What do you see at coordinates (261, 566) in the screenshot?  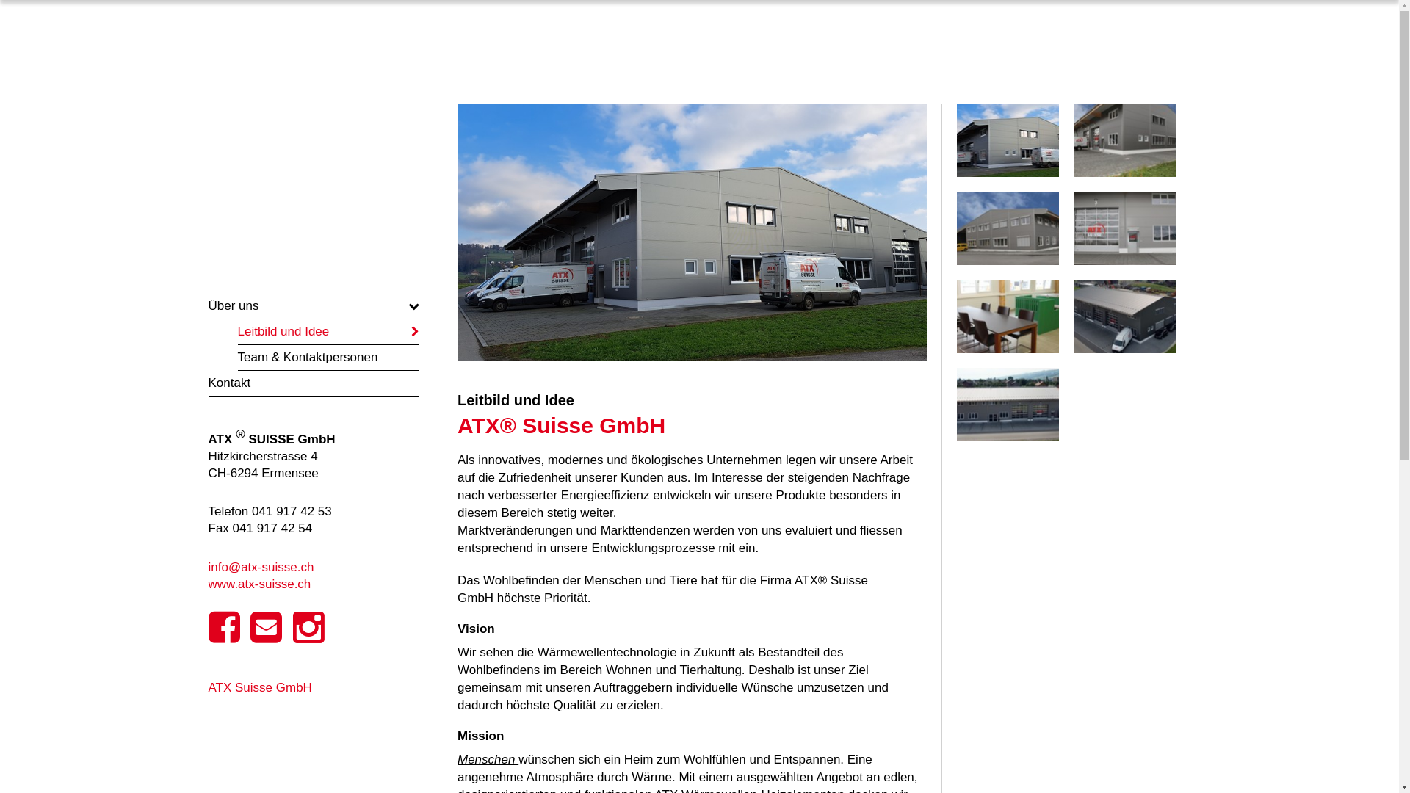 I see `'info@atx-suisse.ch'` at bounding box center [261, 566].